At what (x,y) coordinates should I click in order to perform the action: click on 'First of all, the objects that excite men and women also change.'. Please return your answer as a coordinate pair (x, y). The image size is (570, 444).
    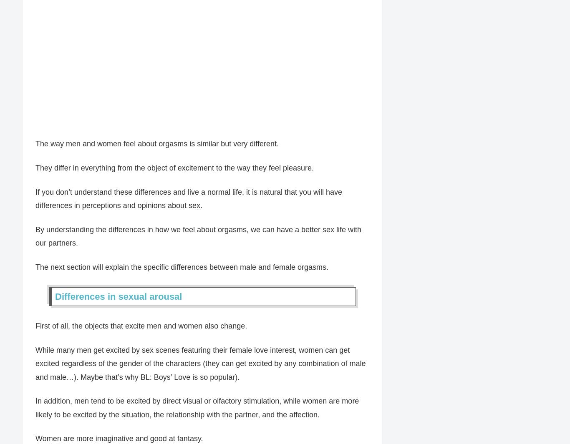
    Looking at the image, I should click on (141, 326).